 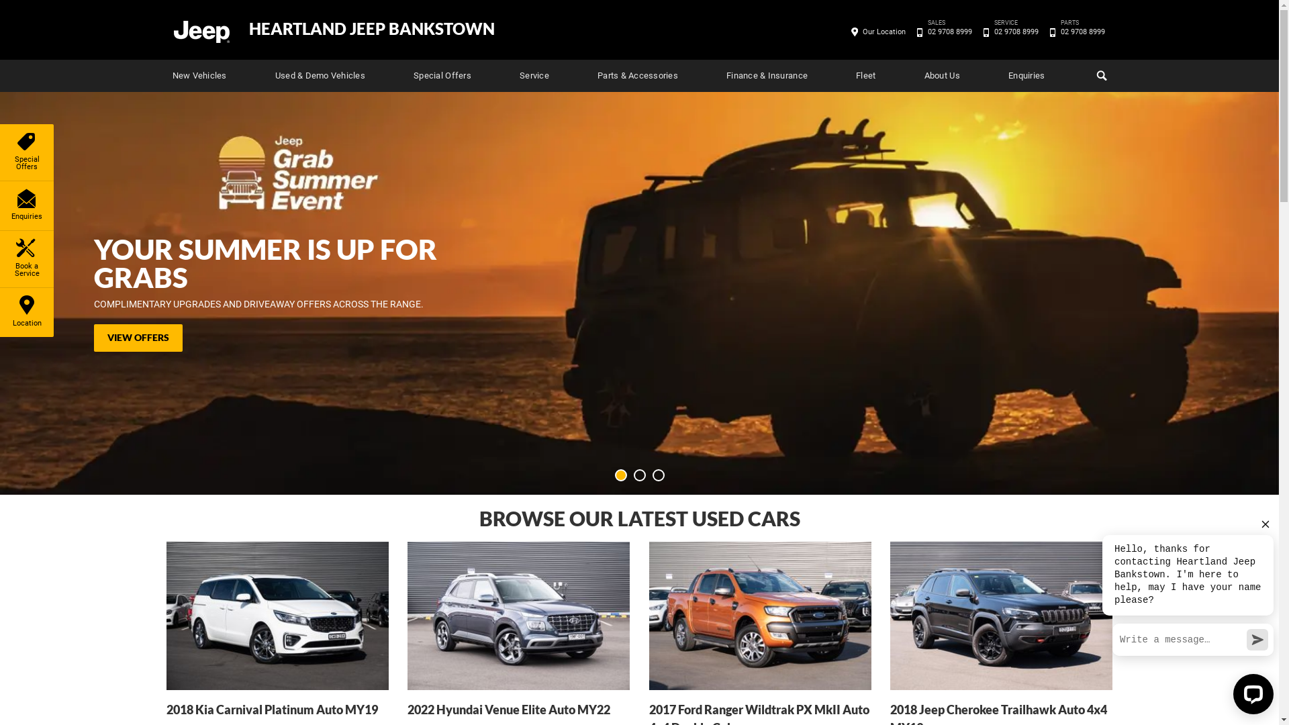 I want to click on 'Location', so click(x=0, y=312).